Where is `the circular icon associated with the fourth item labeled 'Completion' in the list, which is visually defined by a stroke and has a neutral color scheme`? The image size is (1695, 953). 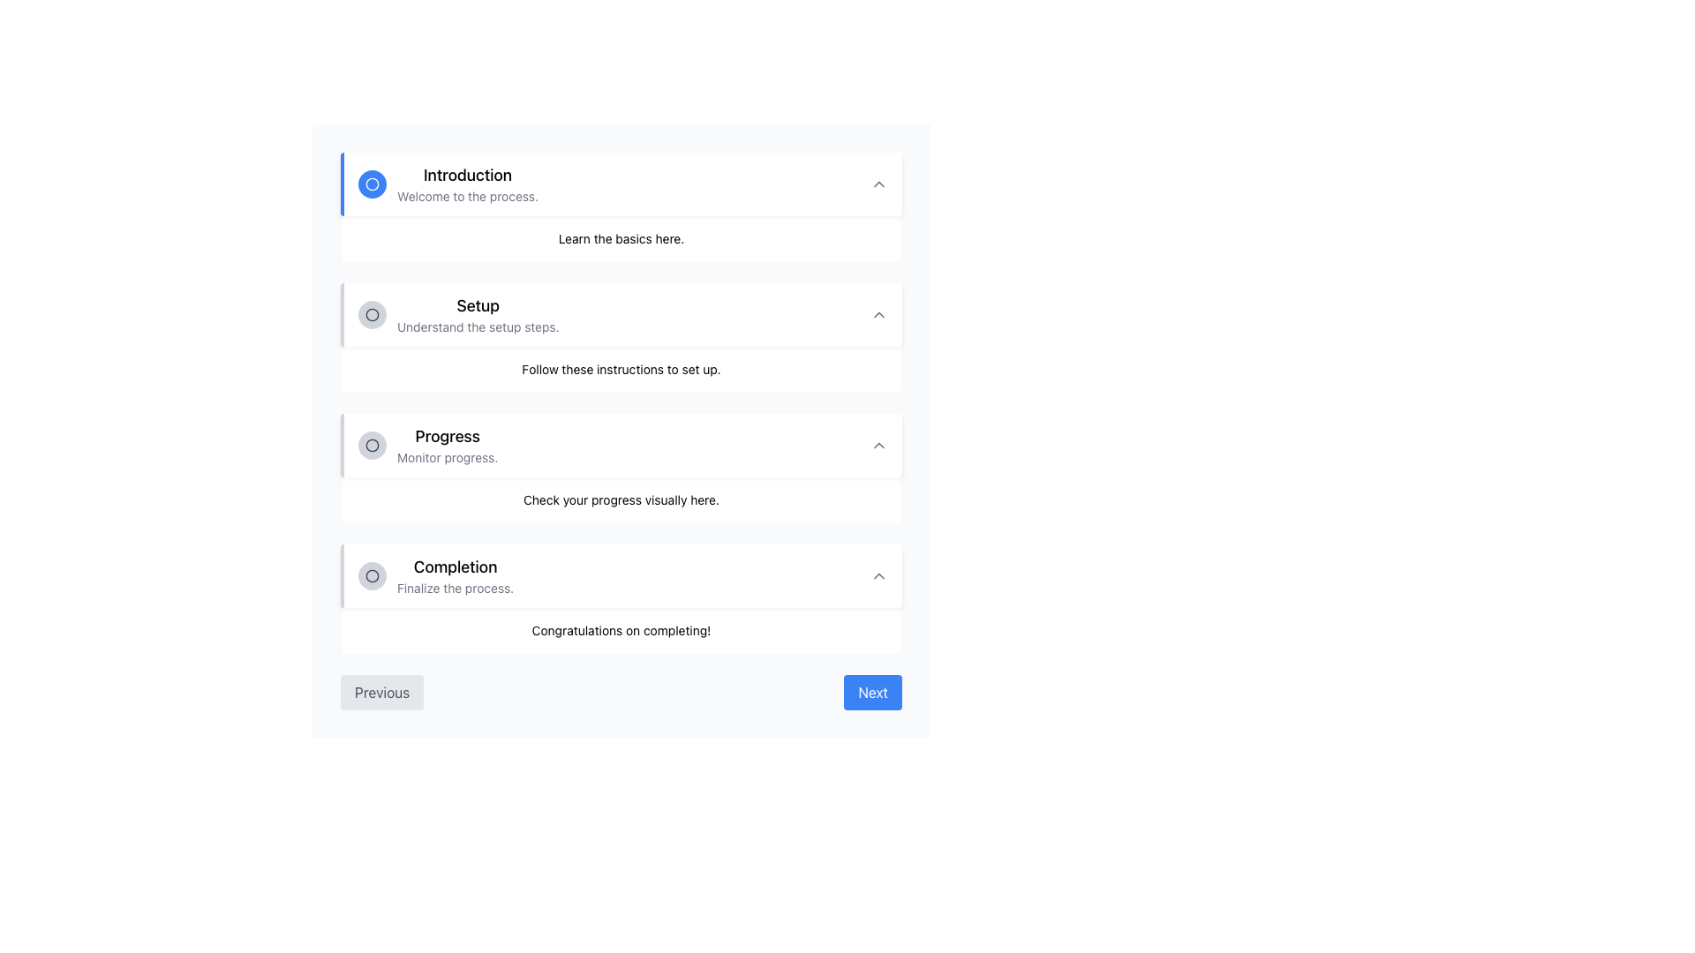
the circular icon associated with the fourth item labeled 'Completion' in the list, which is visually defined by a stroke and has a neutral color scheme is located at coordinates (372, 575).